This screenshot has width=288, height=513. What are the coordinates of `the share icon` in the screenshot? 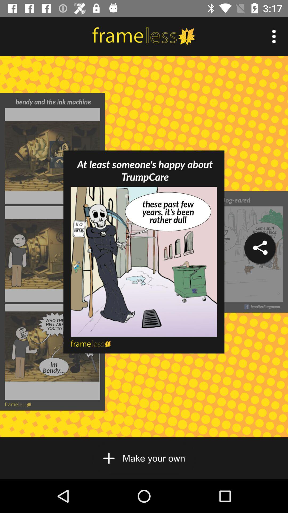 It's located at (259, 248).